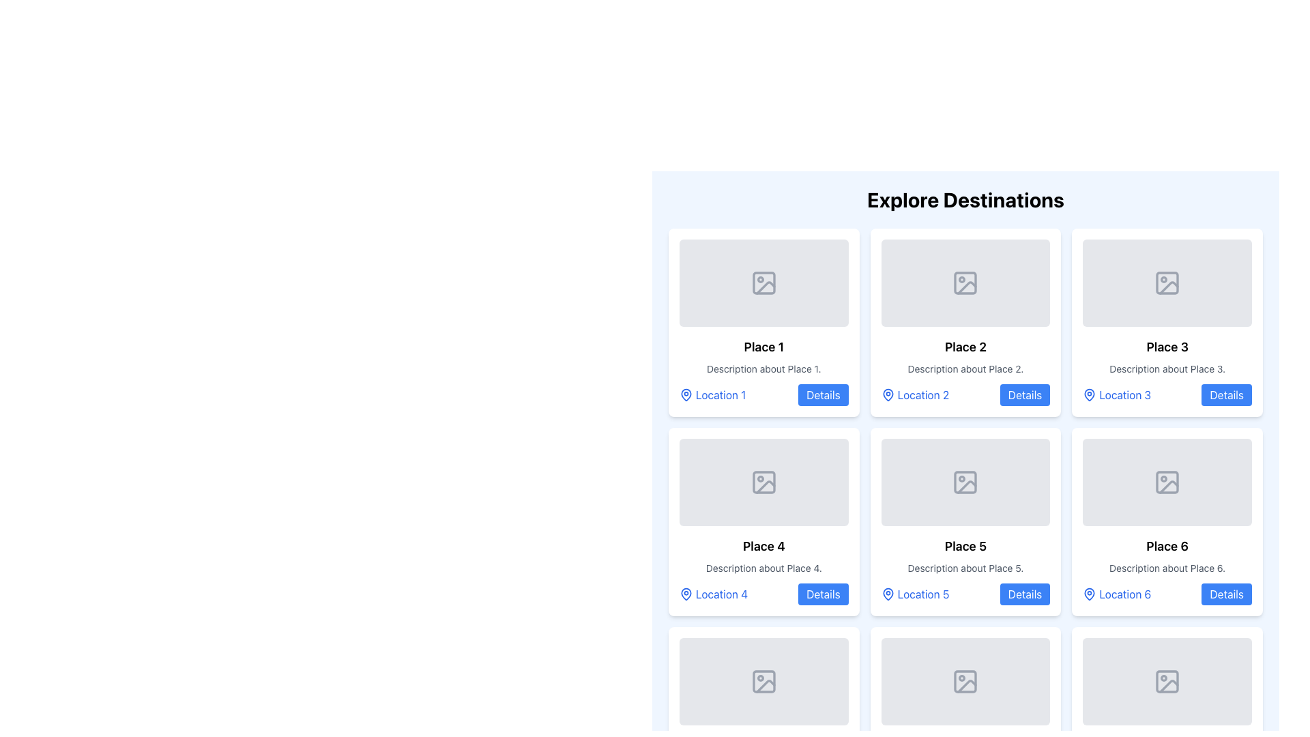 This screenshot has width=1310, height=737. I want to click on the Decorative Placeholder Icon located inside the fourth card in a grid layout, which is a rectangular icon with rounded corners, filled with a solid color, and situated towards the center of the placeholder image, so click(763, 481).